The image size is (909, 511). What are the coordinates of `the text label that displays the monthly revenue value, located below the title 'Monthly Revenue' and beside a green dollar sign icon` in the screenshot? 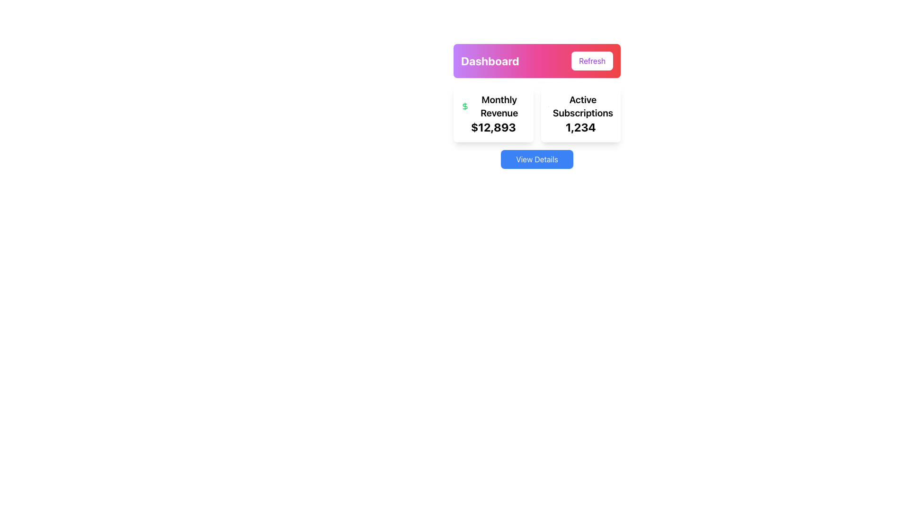 It's located at (493, 127).